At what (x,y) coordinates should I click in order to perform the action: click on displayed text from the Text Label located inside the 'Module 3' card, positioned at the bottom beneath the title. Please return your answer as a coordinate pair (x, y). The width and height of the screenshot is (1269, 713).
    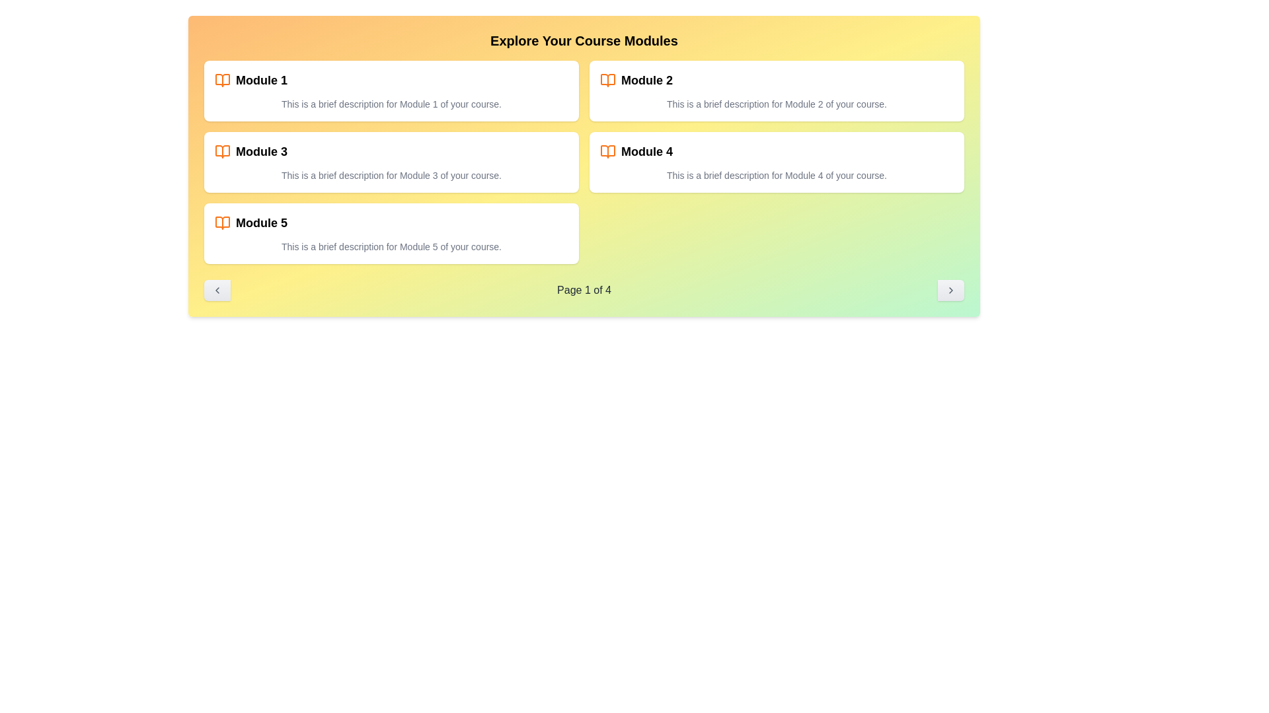
    Looking at the image, I should click on (391, 175).